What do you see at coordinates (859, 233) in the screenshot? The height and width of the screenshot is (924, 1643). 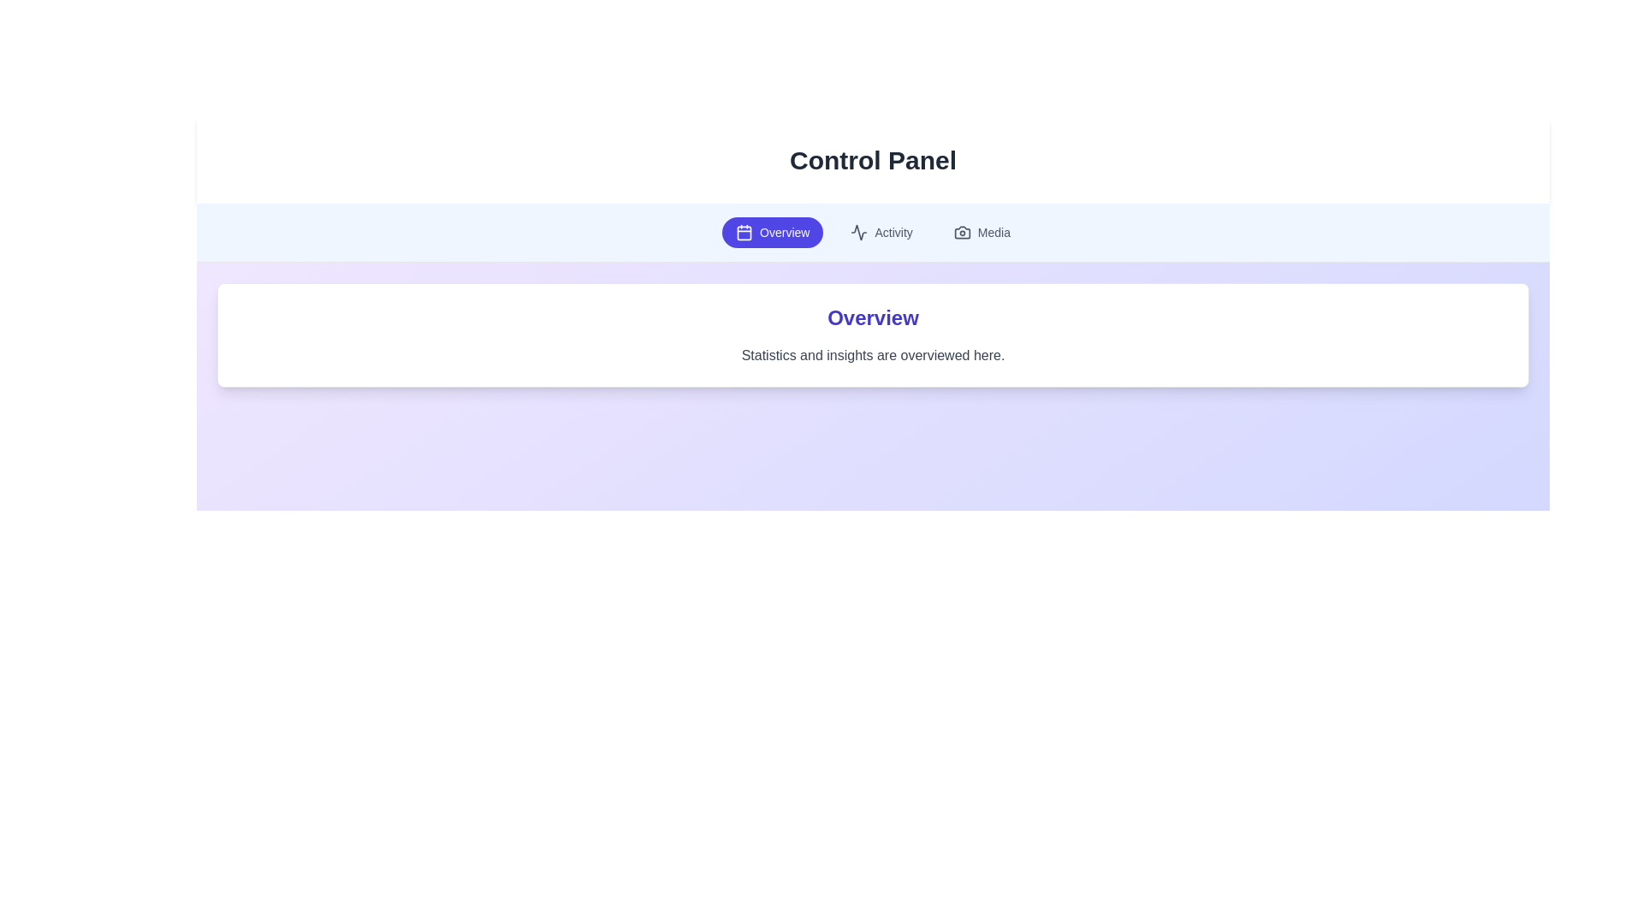 I see `the 'Activity' menu icon located in the horizontal navigation bar at the top of the interface` at bounding box center [859, 233].